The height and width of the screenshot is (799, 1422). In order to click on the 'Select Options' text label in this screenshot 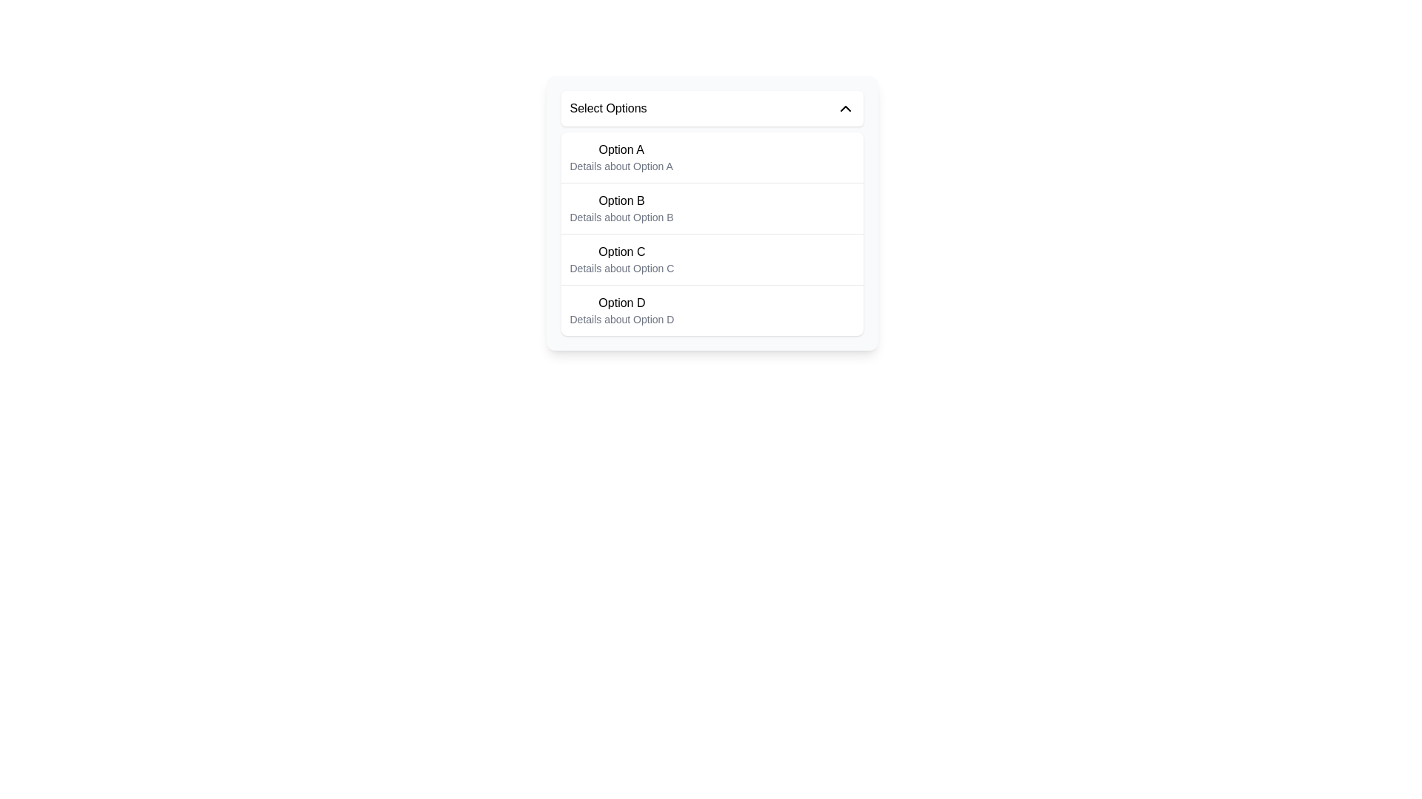, I will do `click(608, 107)`.